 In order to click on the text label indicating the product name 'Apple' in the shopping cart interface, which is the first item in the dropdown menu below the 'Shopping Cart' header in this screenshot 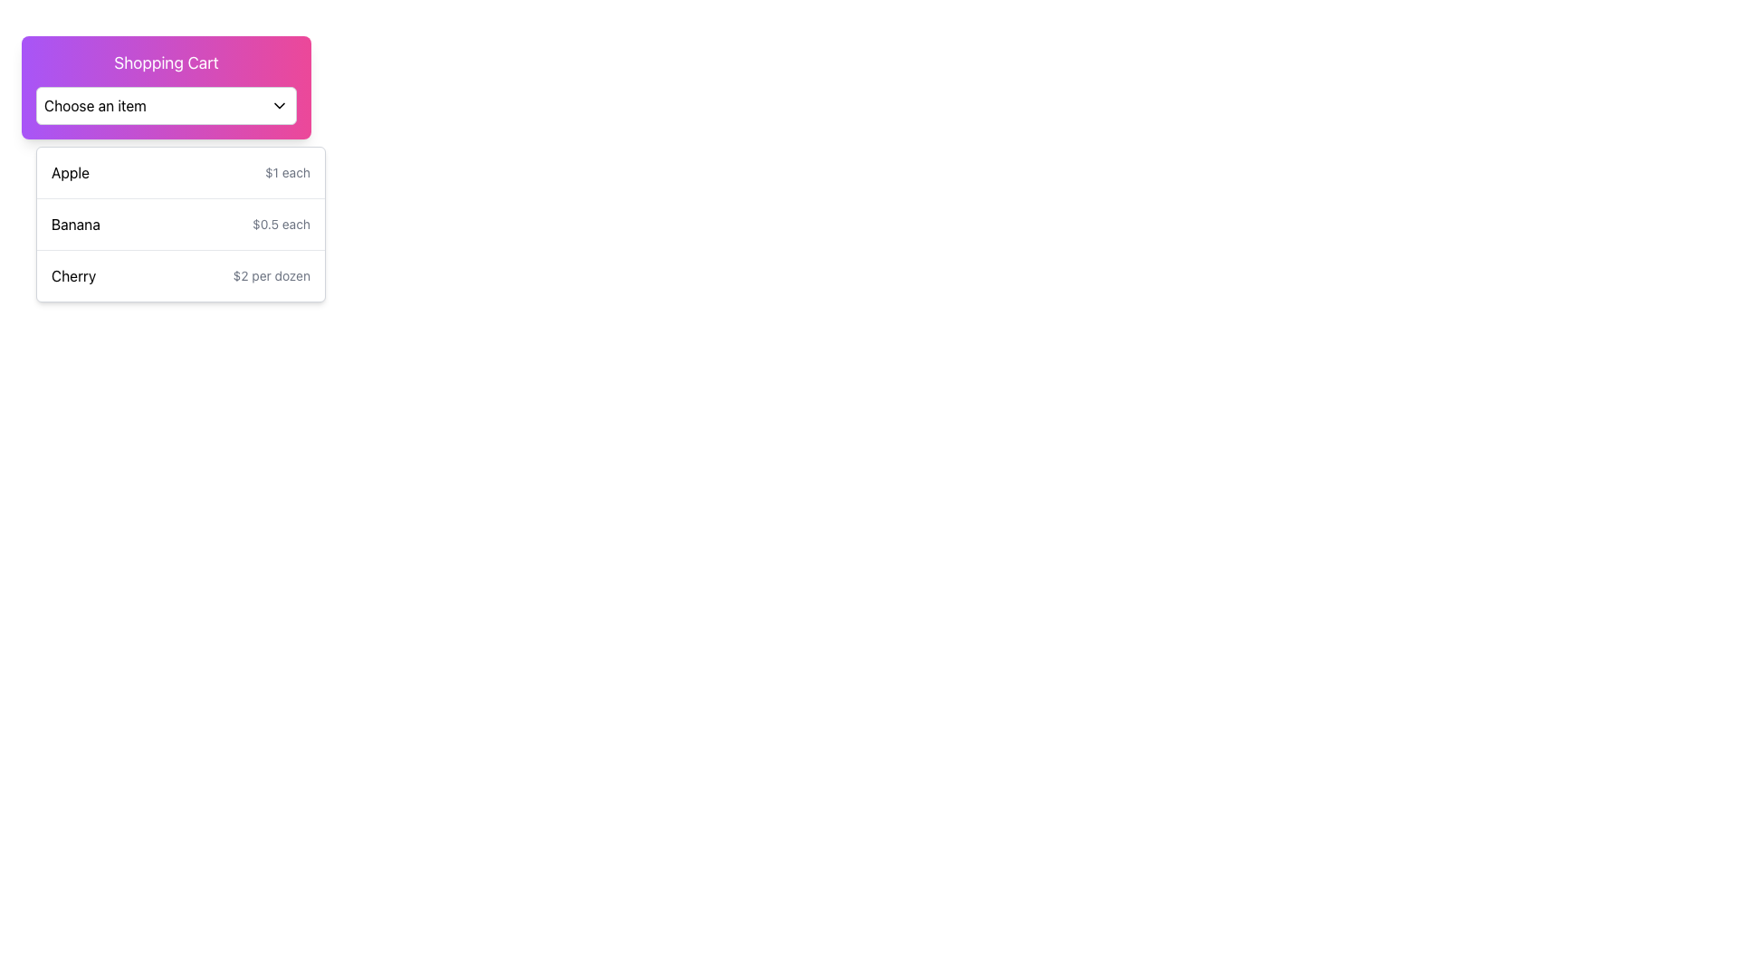, I will do `click(70, 173)`.